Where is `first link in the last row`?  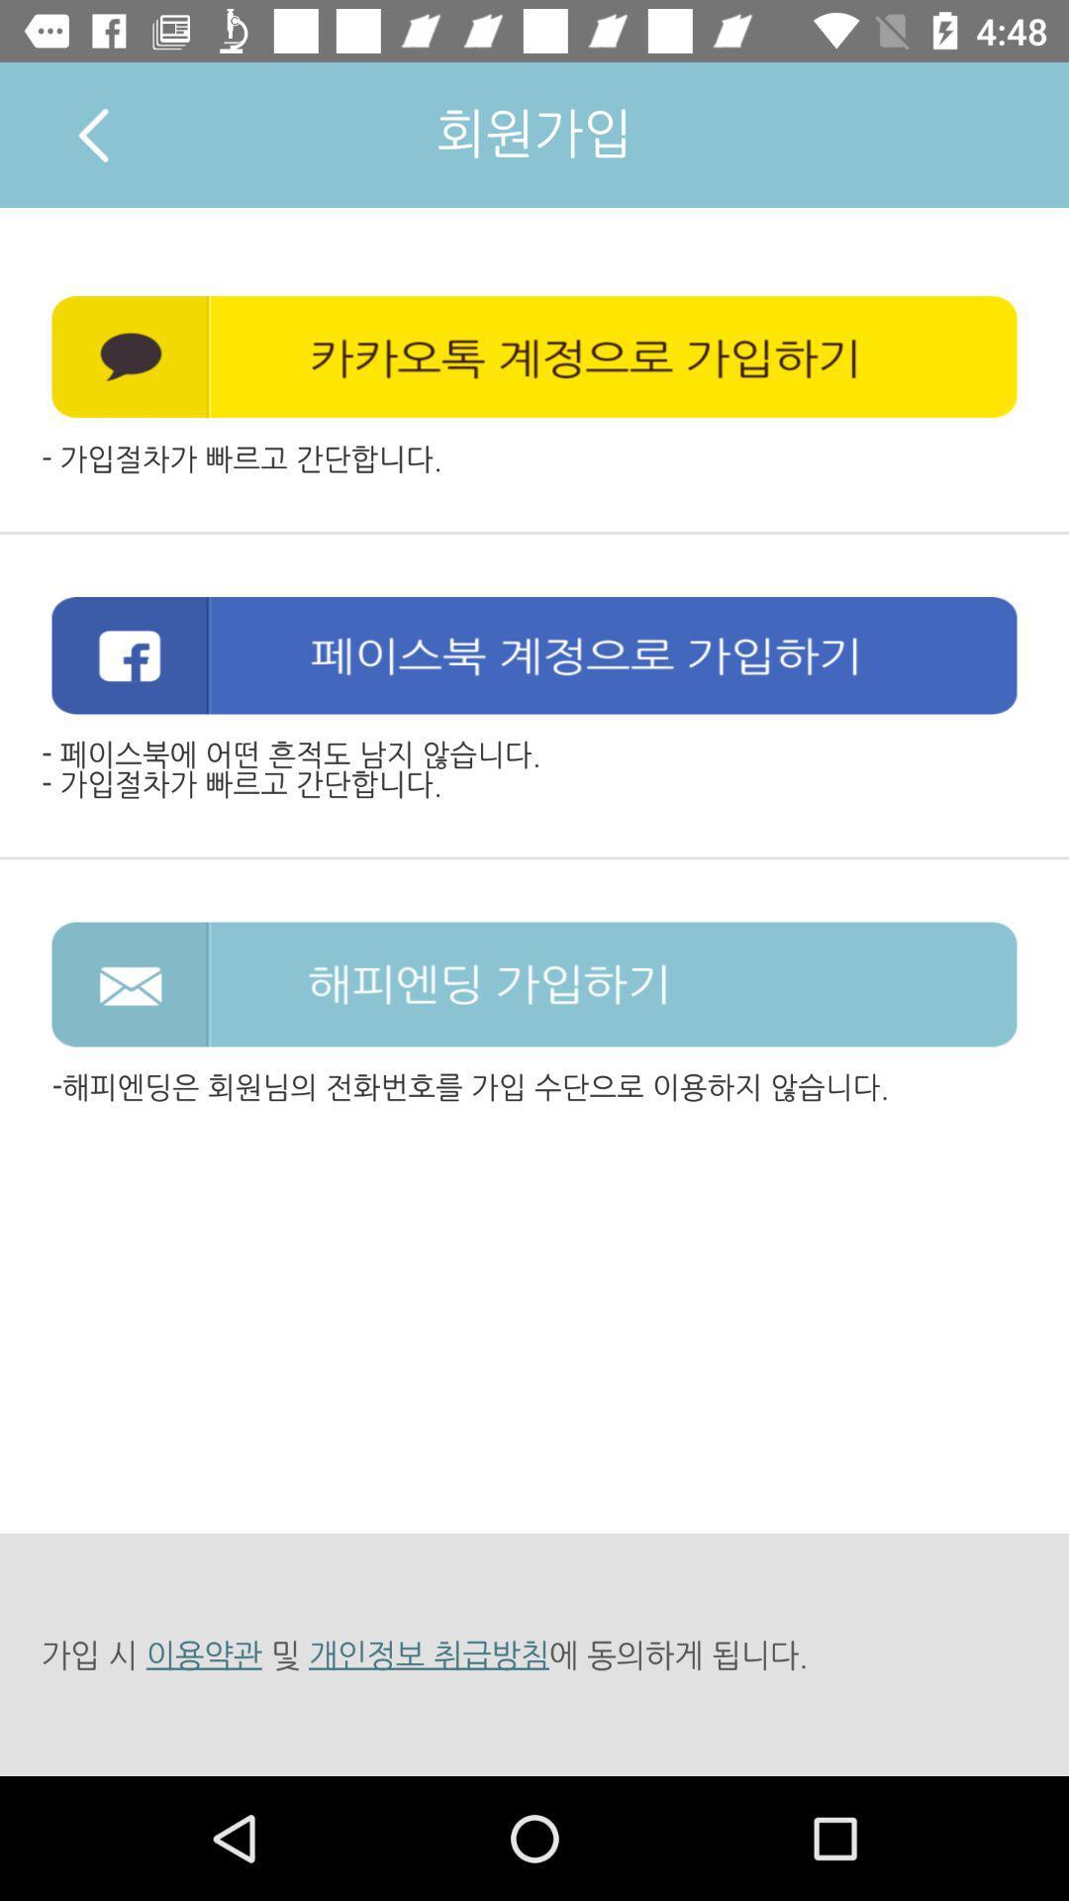
first link in the last row is located at coordinates (204, 1656).